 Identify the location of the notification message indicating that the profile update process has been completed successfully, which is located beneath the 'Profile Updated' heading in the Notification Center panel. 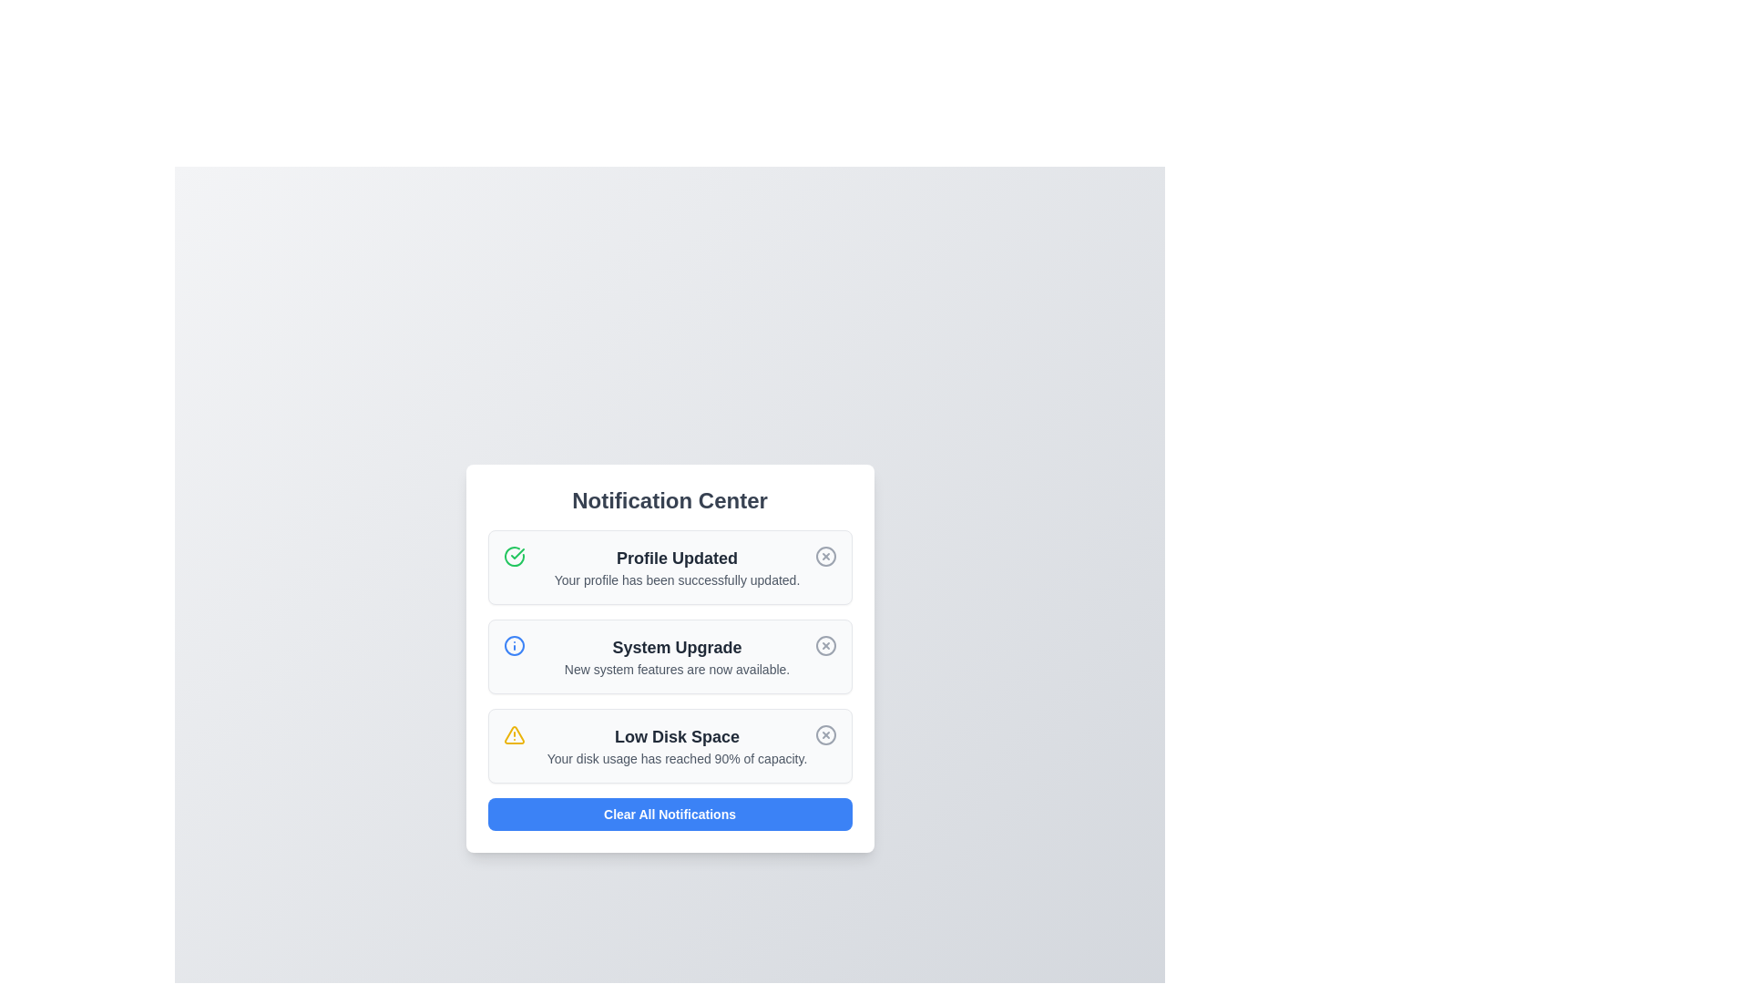
(676, 579).